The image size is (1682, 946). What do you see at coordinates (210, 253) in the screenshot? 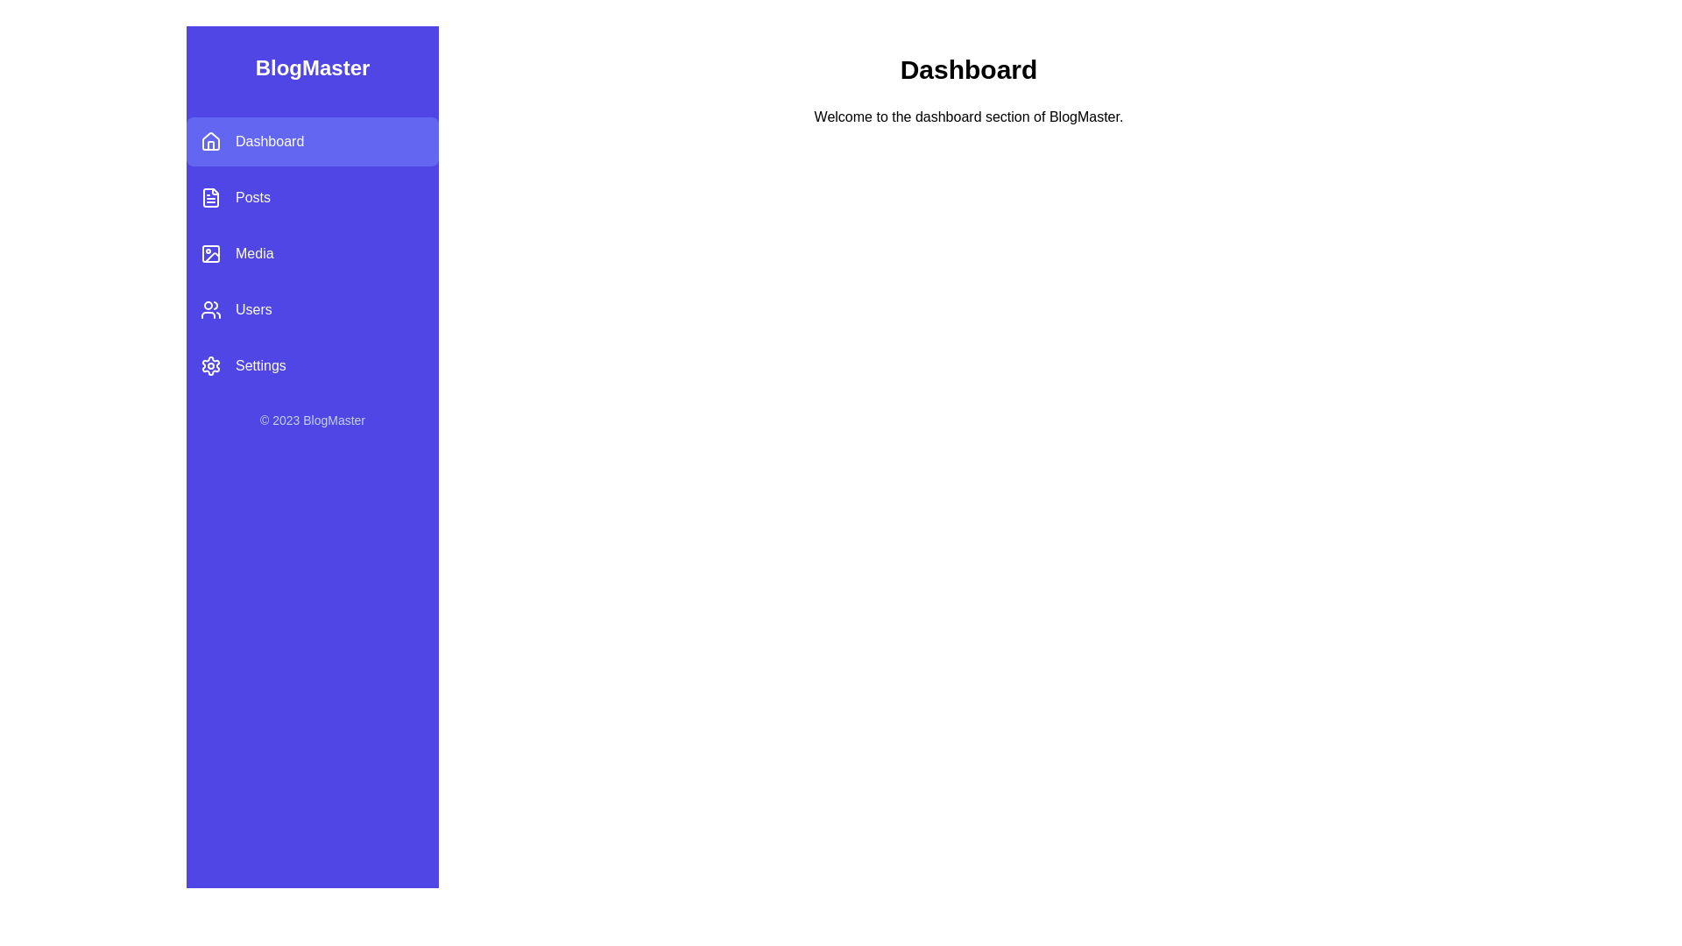
I see `decorative Icon component that is part of the 'Media' menu option in the sidebar navigation menu using developer tools` at bounding box center [210, 253].